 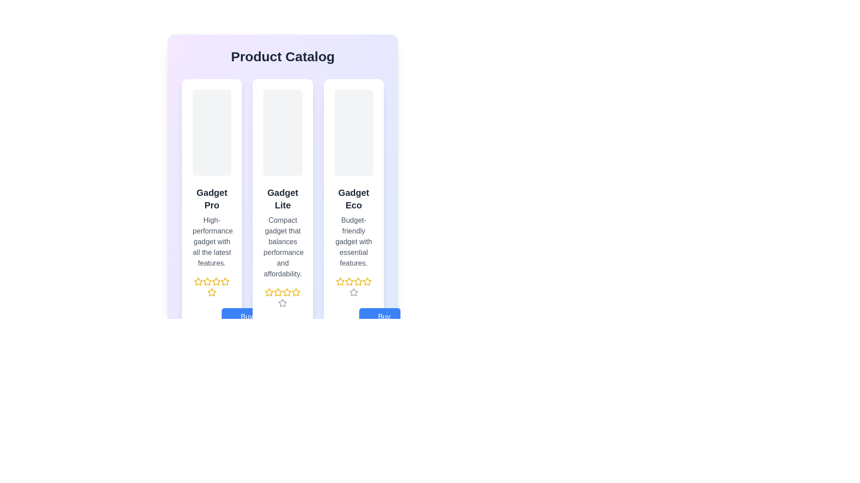 I want to click on the fifth star icon in the rating system for the 'Gadget Pro' product, so click(x=211, y=292).